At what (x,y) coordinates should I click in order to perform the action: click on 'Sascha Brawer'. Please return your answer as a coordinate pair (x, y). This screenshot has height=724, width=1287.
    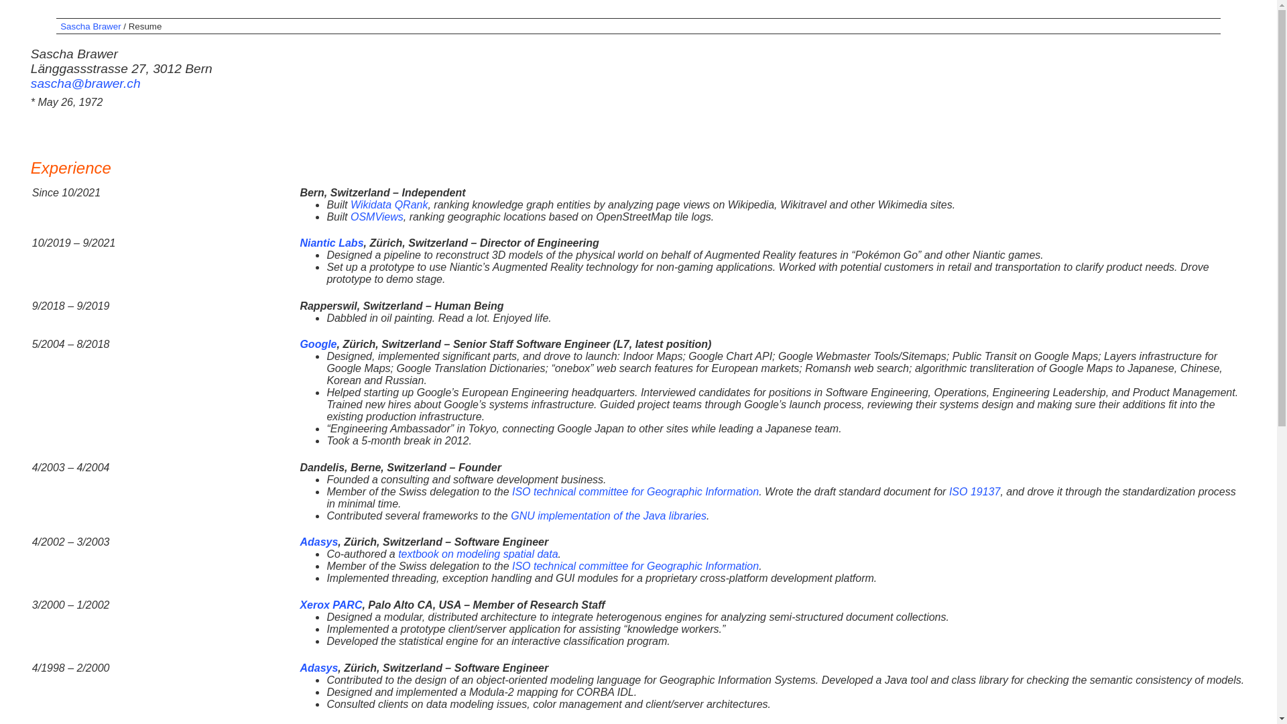
    Looking at the image, I should click on (89, 26).